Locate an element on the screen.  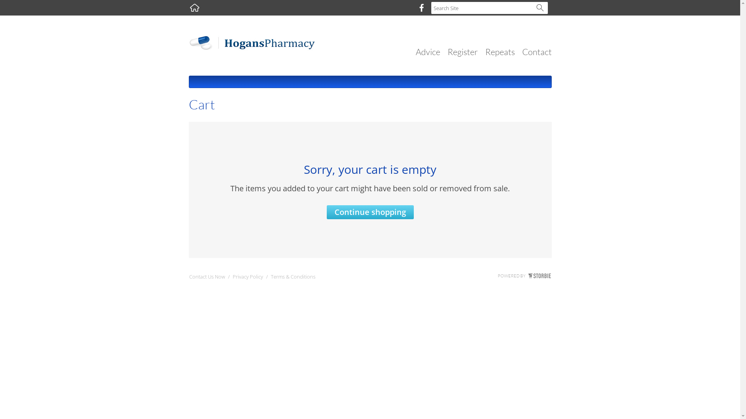
'Privacy Policy' is located at coordinates (232, 278).